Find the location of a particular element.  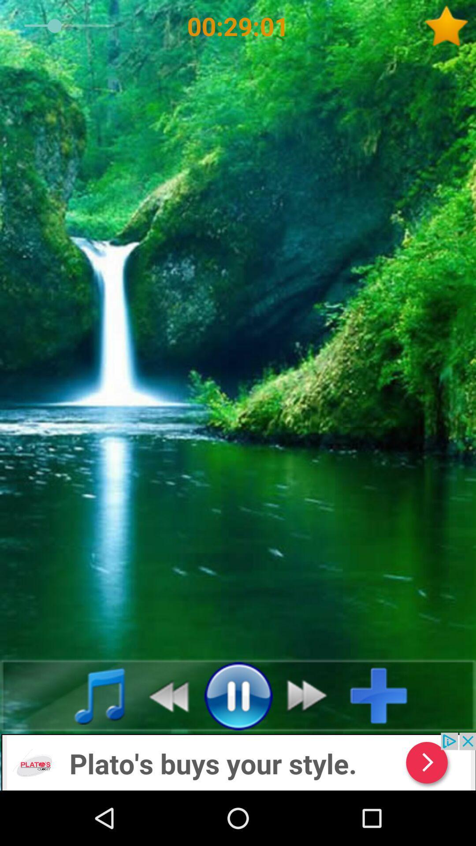

the av_rewind icon is located at coordinates (164, 695).